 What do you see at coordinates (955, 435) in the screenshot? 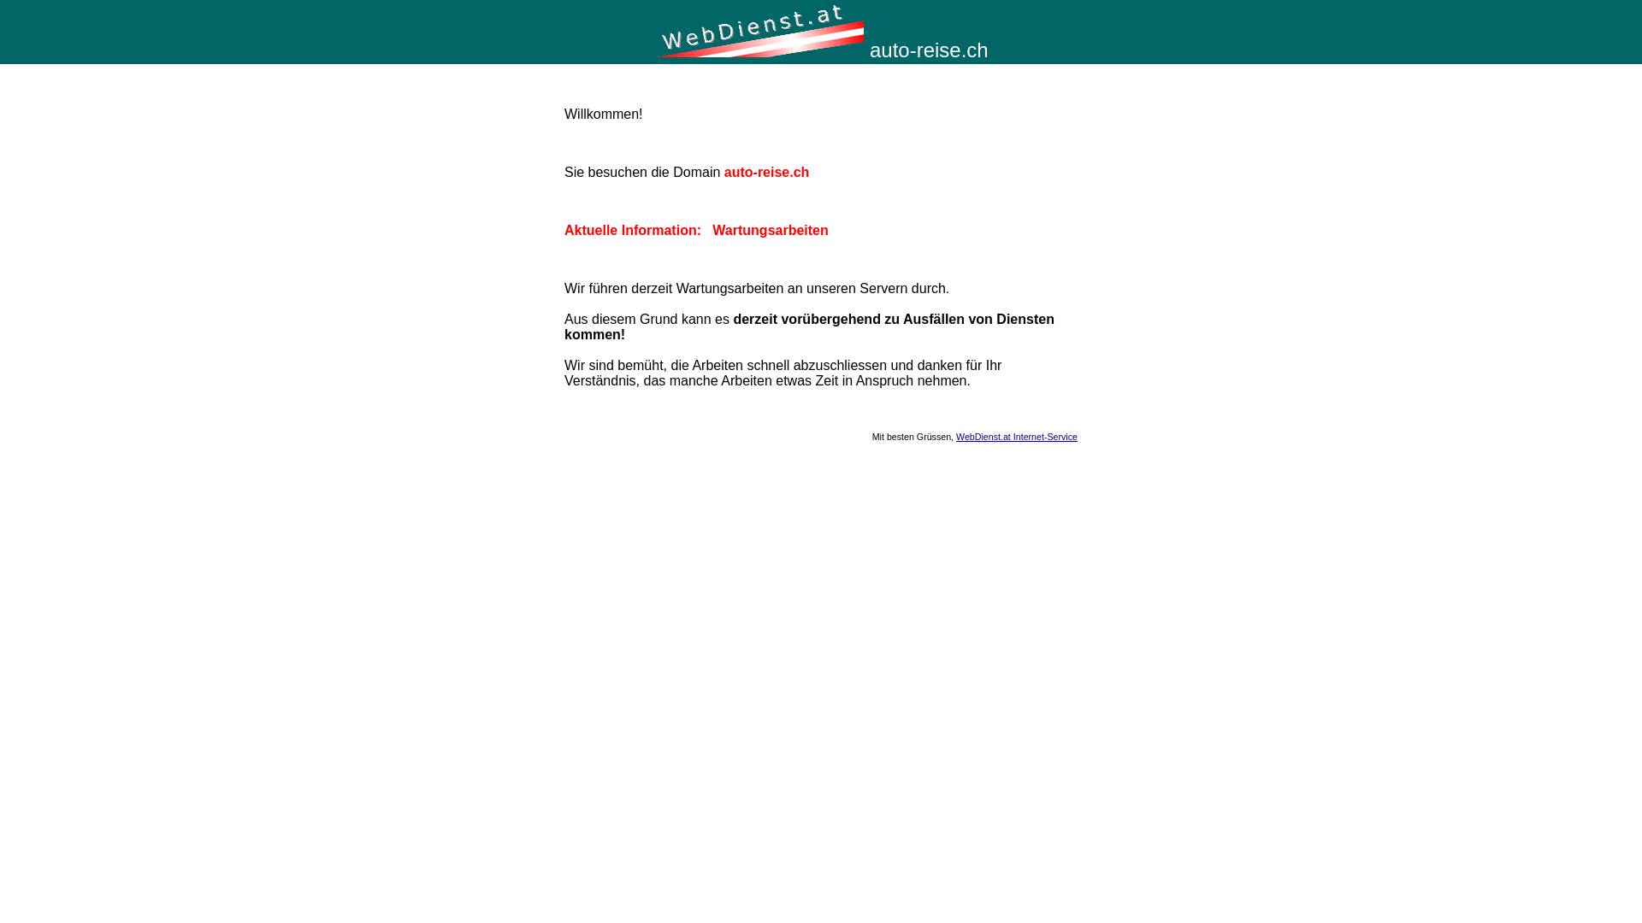
I see `'WebDienst.at Internet-Service'` at bounding box center [955, 435].